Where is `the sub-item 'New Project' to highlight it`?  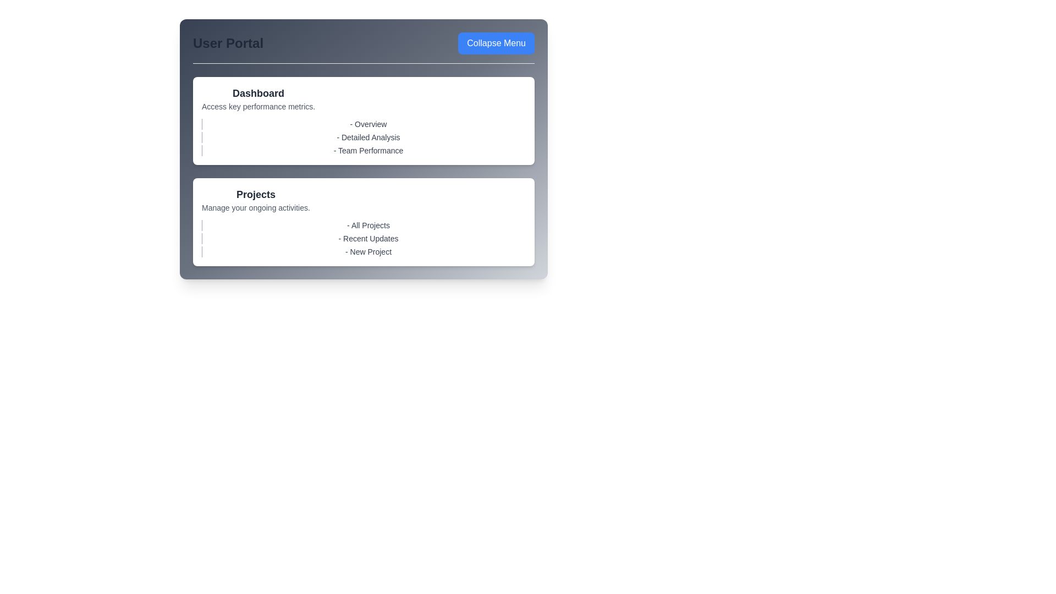
the sub-item 'New Project' to highlight it is located at coordinates (364, 252).